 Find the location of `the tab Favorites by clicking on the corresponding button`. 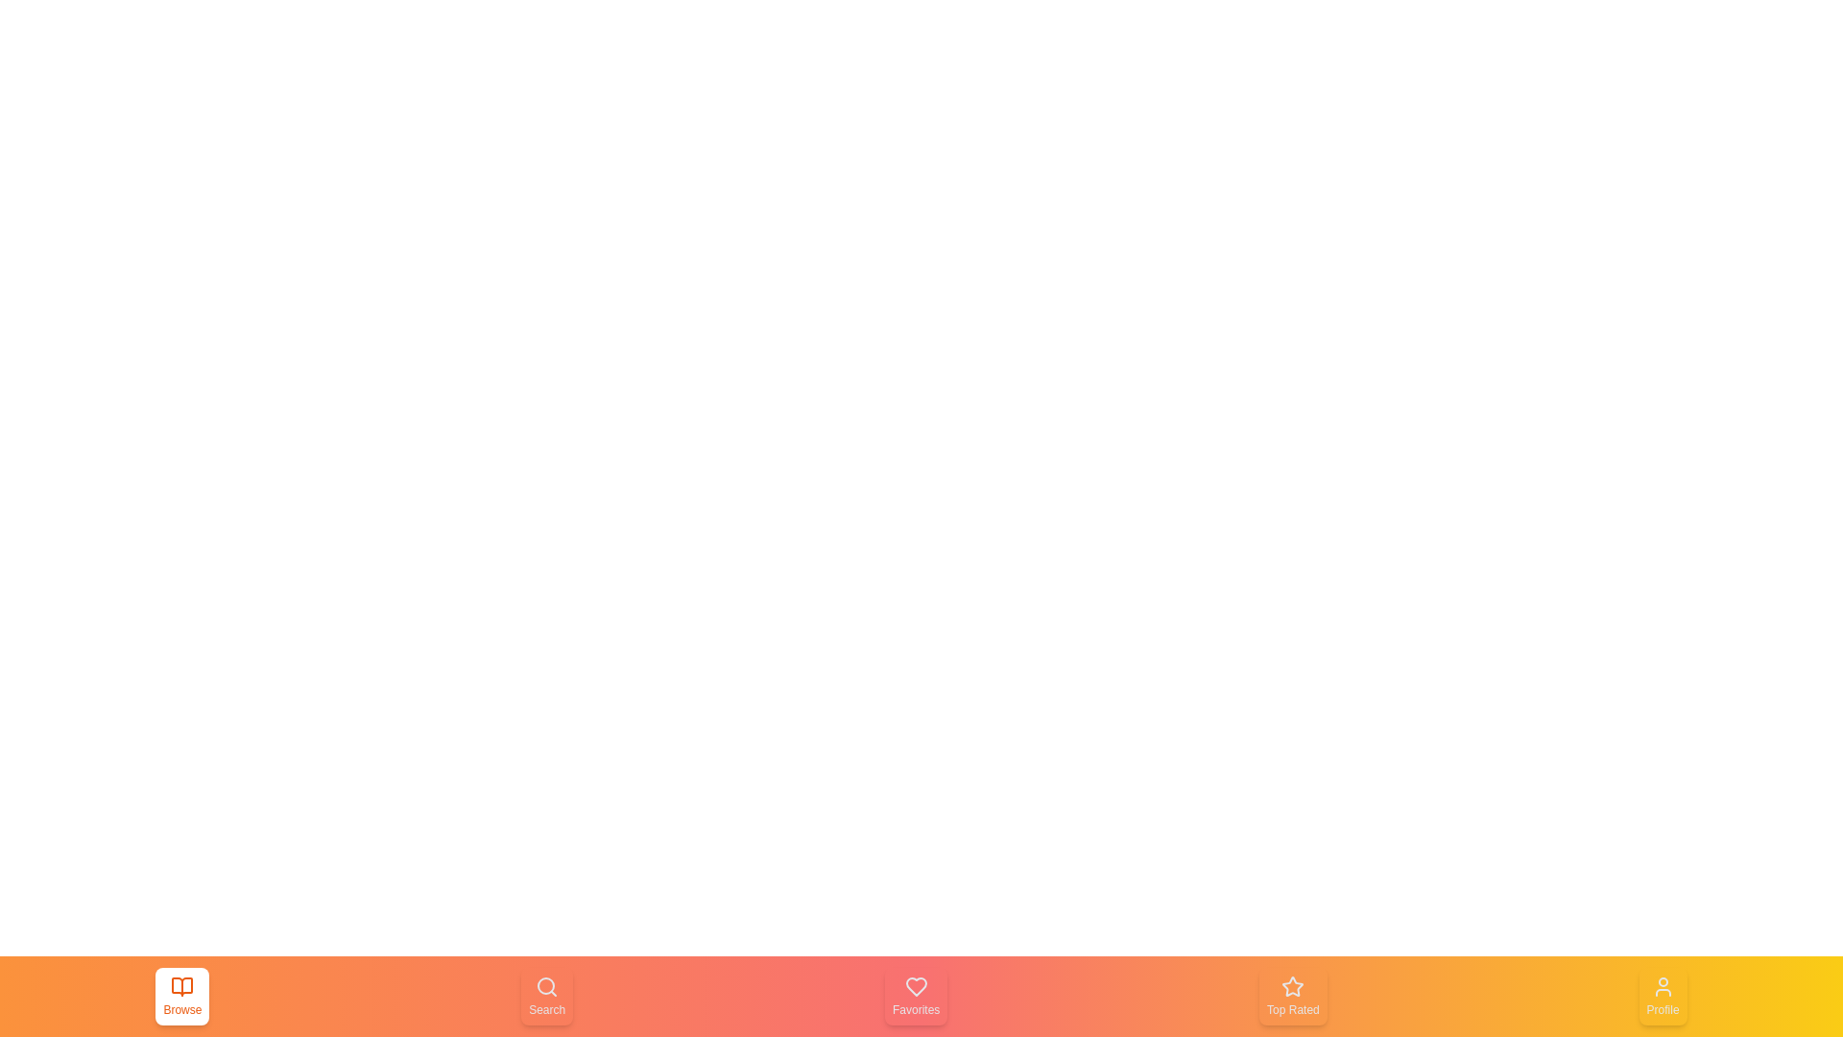

the tab Favorites by clicking on the corresponding button is located at coordinates (915, 995).